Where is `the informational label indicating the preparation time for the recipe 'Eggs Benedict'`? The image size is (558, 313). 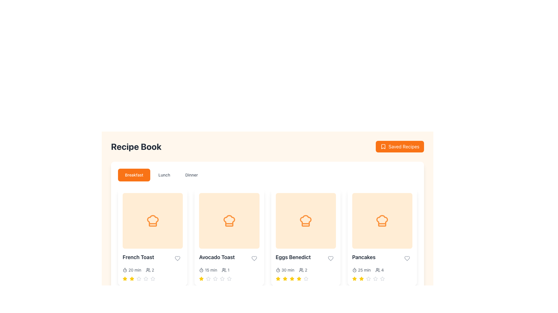 the informational label indicating the preparation time for the recipe 'Eggs Benedict' is located at coordinates (285, 270).